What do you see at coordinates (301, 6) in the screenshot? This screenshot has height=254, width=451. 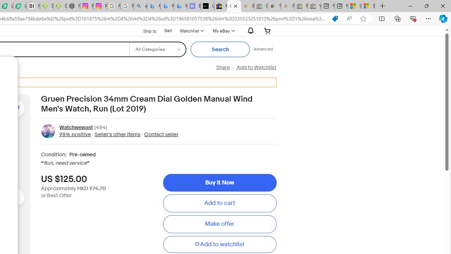 I see `'Press Room - eBay Inc. - Sleeping'` at bounding box center [301, 6].